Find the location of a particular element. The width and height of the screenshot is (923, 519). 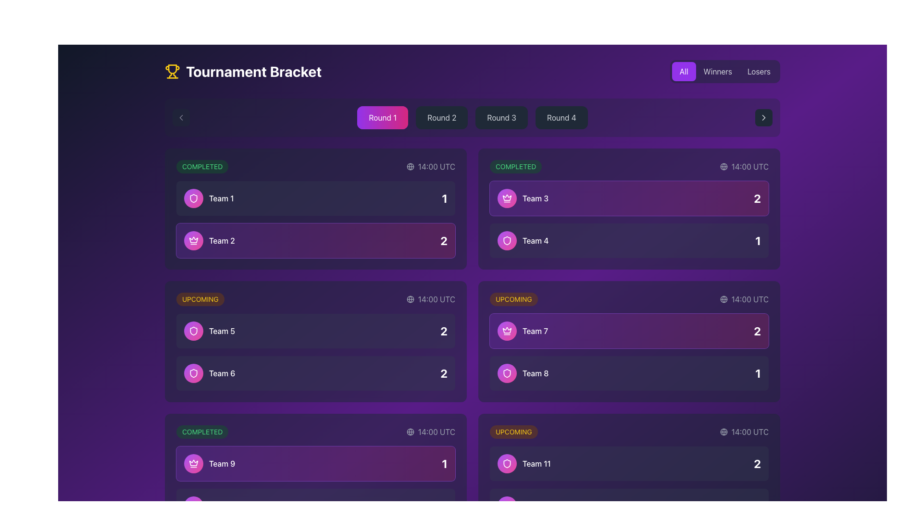

the Informational card displaying the team's name and score in the second row of the right column of match cards in the 'Tournament Bracket' interface is located at coordinates (629, 240).